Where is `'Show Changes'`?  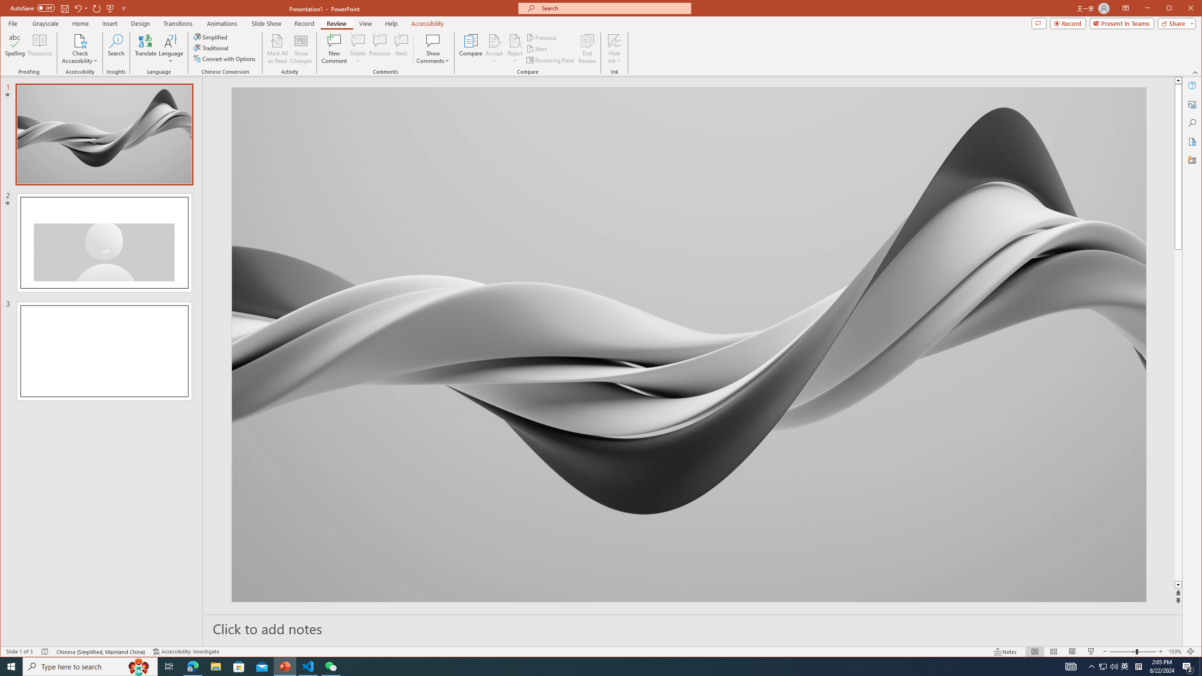 'Show Changes' is located at coordinates (301, 48).